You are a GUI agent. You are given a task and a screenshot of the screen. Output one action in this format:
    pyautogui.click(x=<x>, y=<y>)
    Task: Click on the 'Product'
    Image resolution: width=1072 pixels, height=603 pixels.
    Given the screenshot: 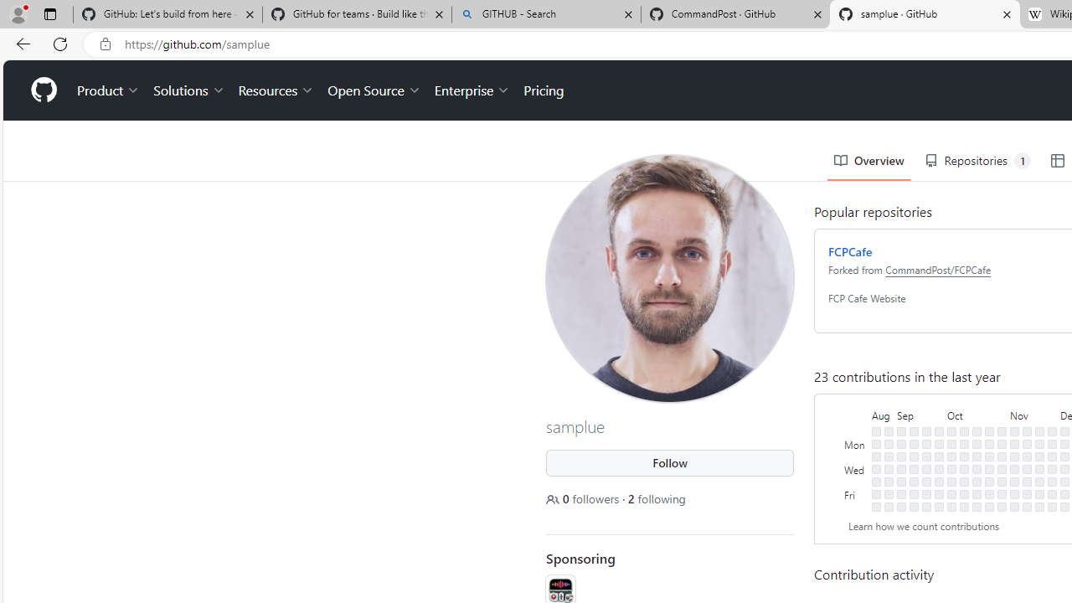 What is the action you would take?
    pyautogui.click(x=108, y=90)
    